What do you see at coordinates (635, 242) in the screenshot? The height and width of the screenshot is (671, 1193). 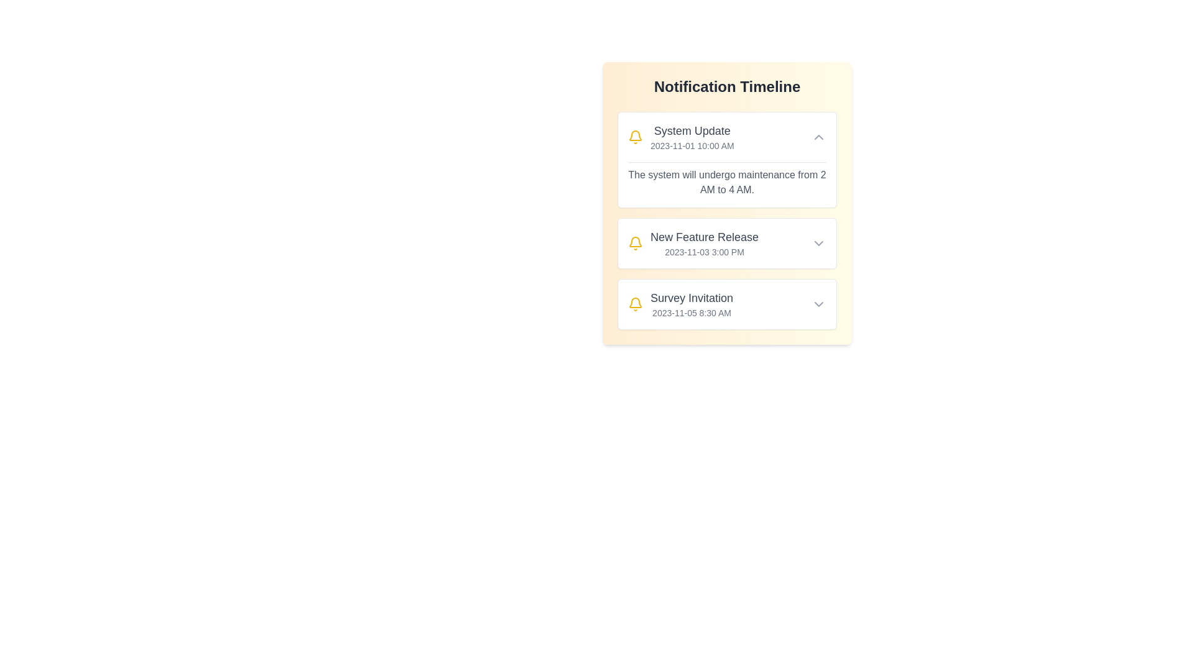 I see `the notification icon located to the left of the text content in the second component of the notification timeline` at bounding box center [635, 242].